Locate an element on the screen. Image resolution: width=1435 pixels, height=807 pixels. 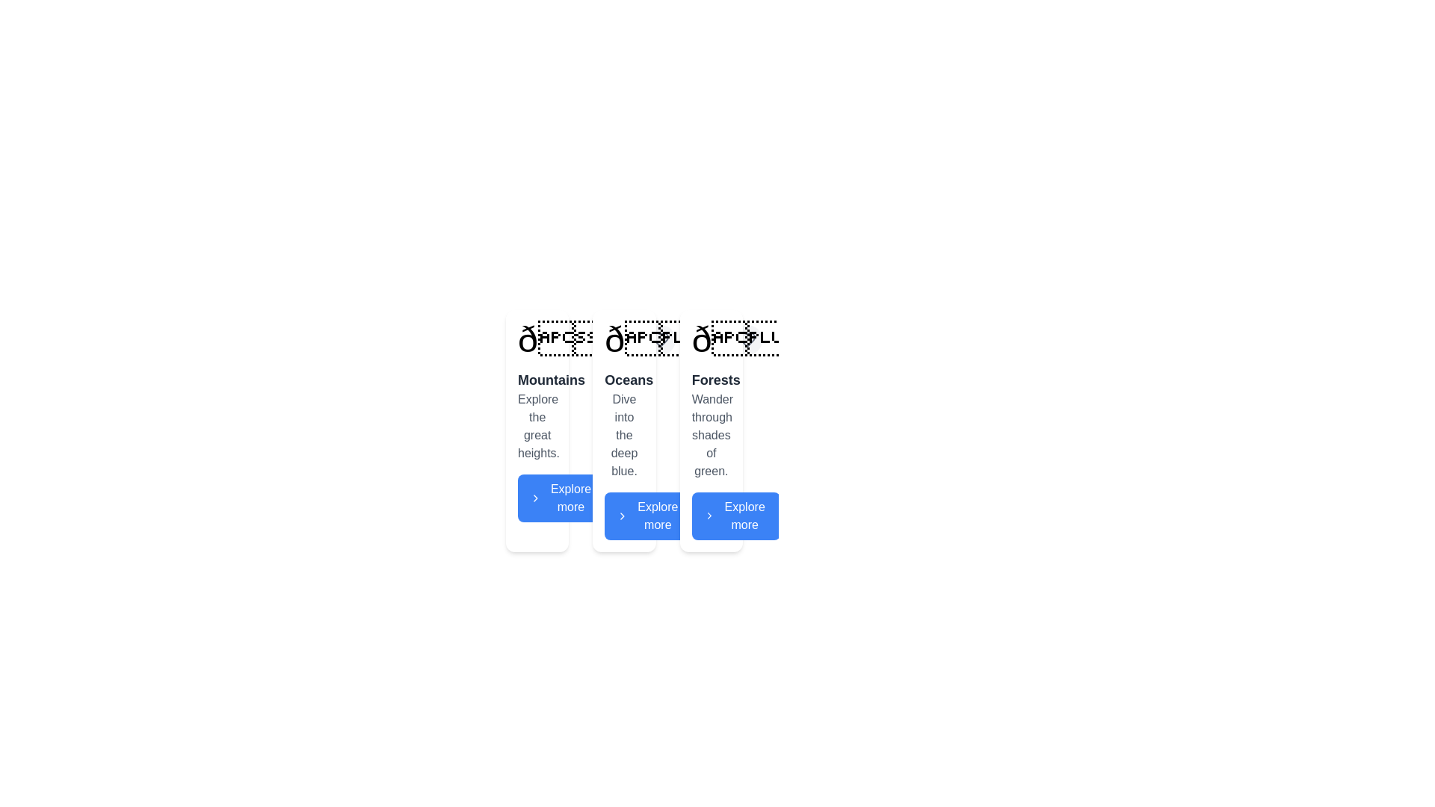
the heart-shaped icon representing a 'like' or 'favorite' feature, which is located centrally in the second card labeled 'Oceans' is located at coordinates (659, 340).